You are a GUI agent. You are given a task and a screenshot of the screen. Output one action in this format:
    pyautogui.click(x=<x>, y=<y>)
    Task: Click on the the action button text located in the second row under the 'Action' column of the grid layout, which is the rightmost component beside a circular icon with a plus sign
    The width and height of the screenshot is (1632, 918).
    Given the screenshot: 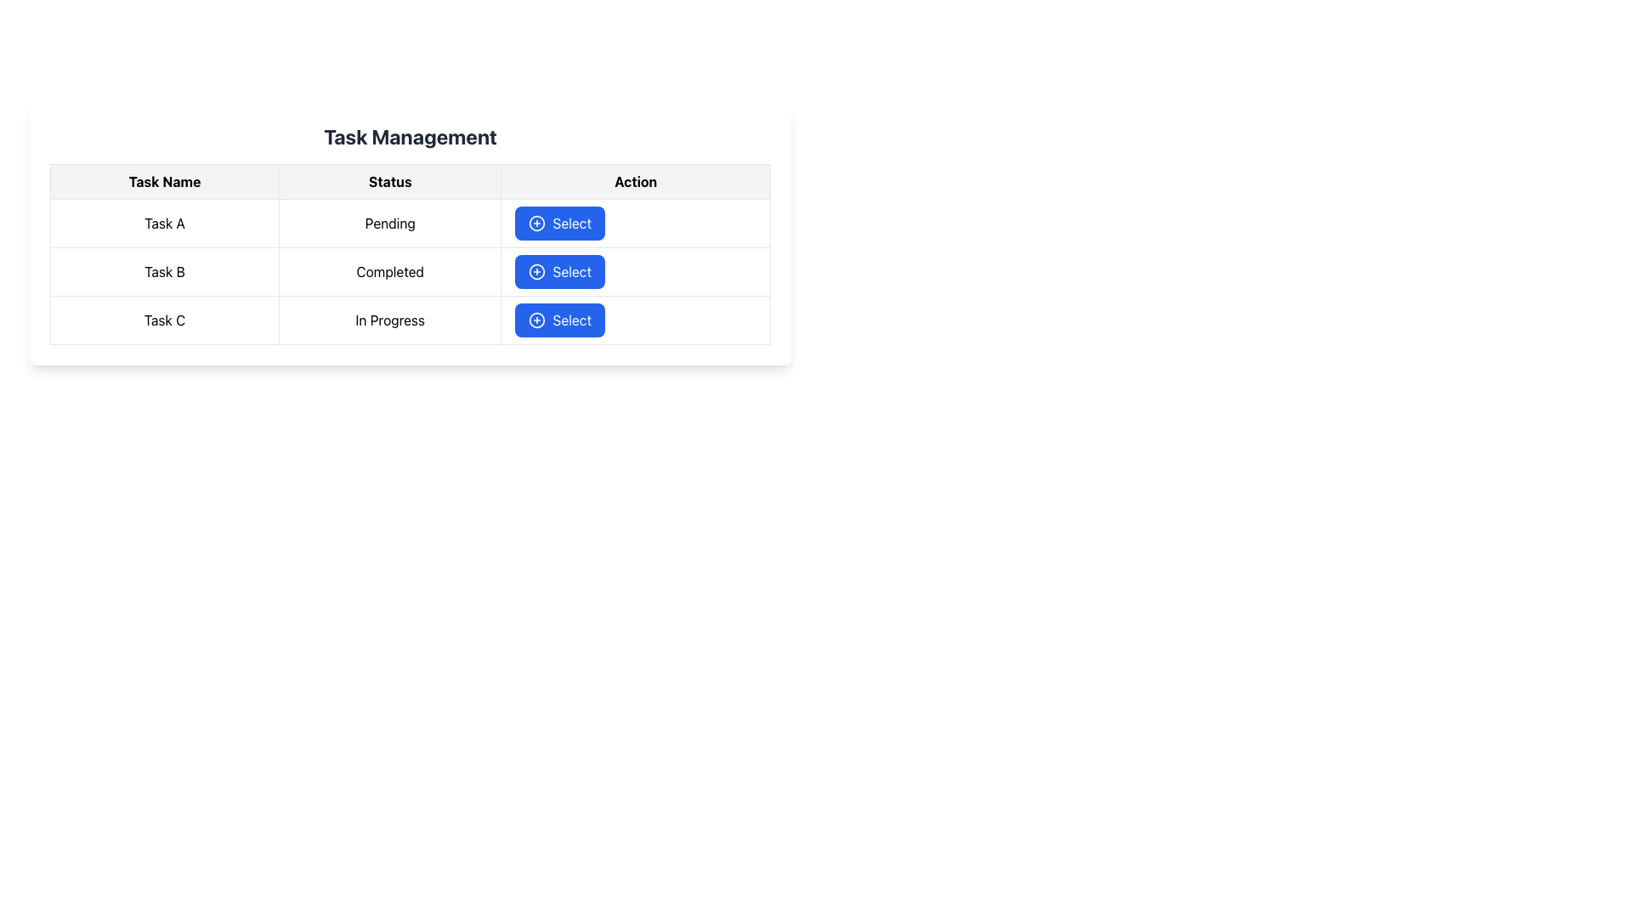 What is the action you would take?
    pyautogui.click(x=572, y=271)
    